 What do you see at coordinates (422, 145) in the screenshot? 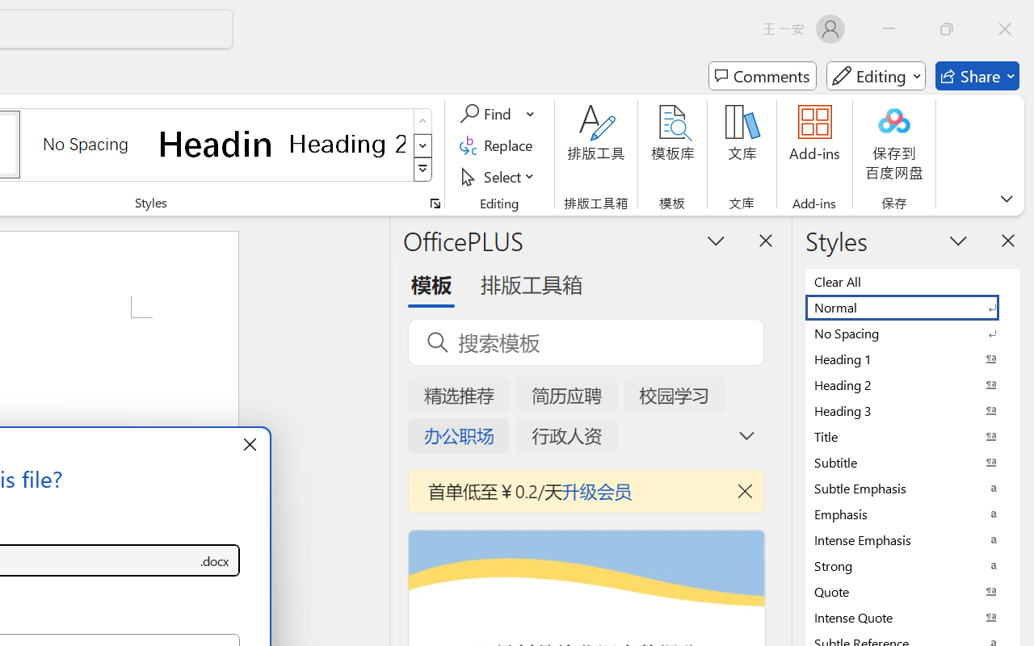
I see `'Row Down'` at bounding box center [422, 145].